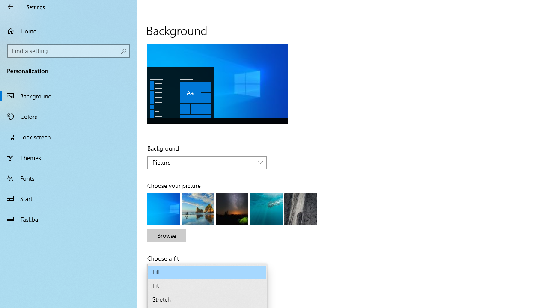  I want to click on 'Lock screen', so click(68, 136).